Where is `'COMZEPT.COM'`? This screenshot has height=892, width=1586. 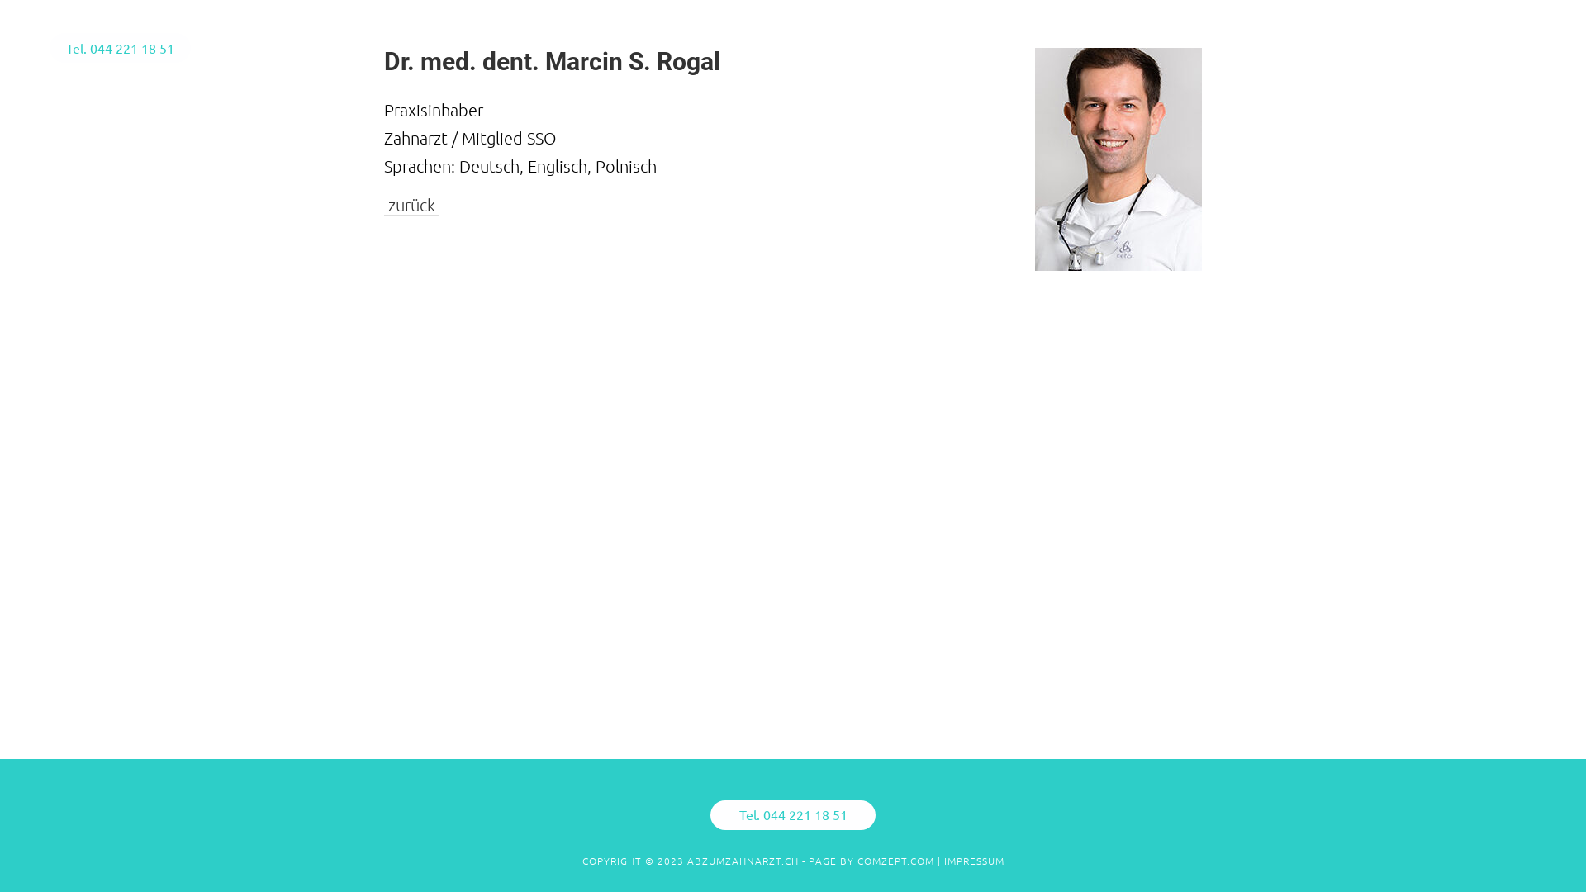
'COMZEPT.COM' is located at coordinates (895, 859).